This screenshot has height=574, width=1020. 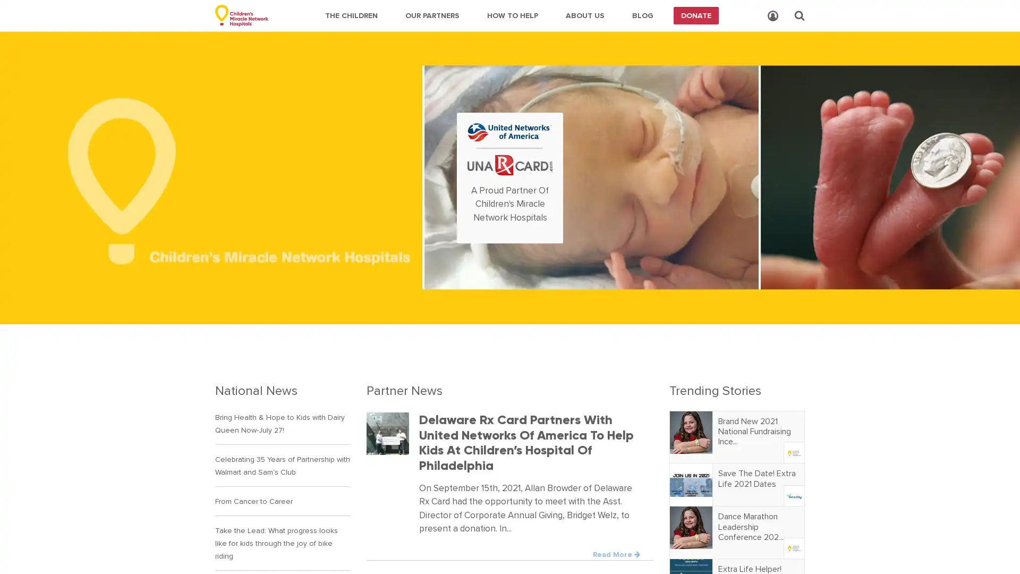 I want to click on Search, so click(x=800, y=15).